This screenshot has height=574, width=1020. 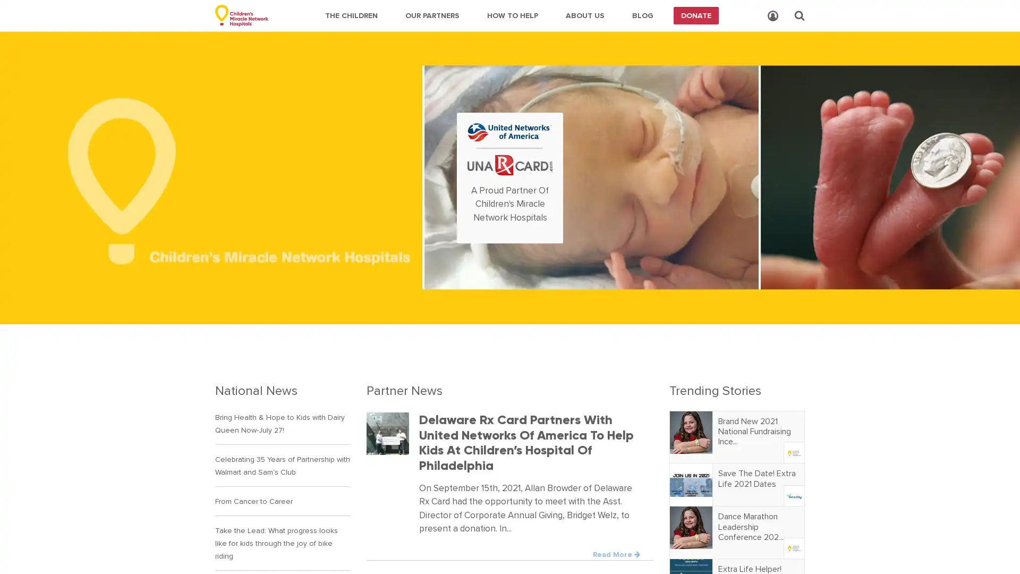 I want to click on Search, so click(x=800, y=15).